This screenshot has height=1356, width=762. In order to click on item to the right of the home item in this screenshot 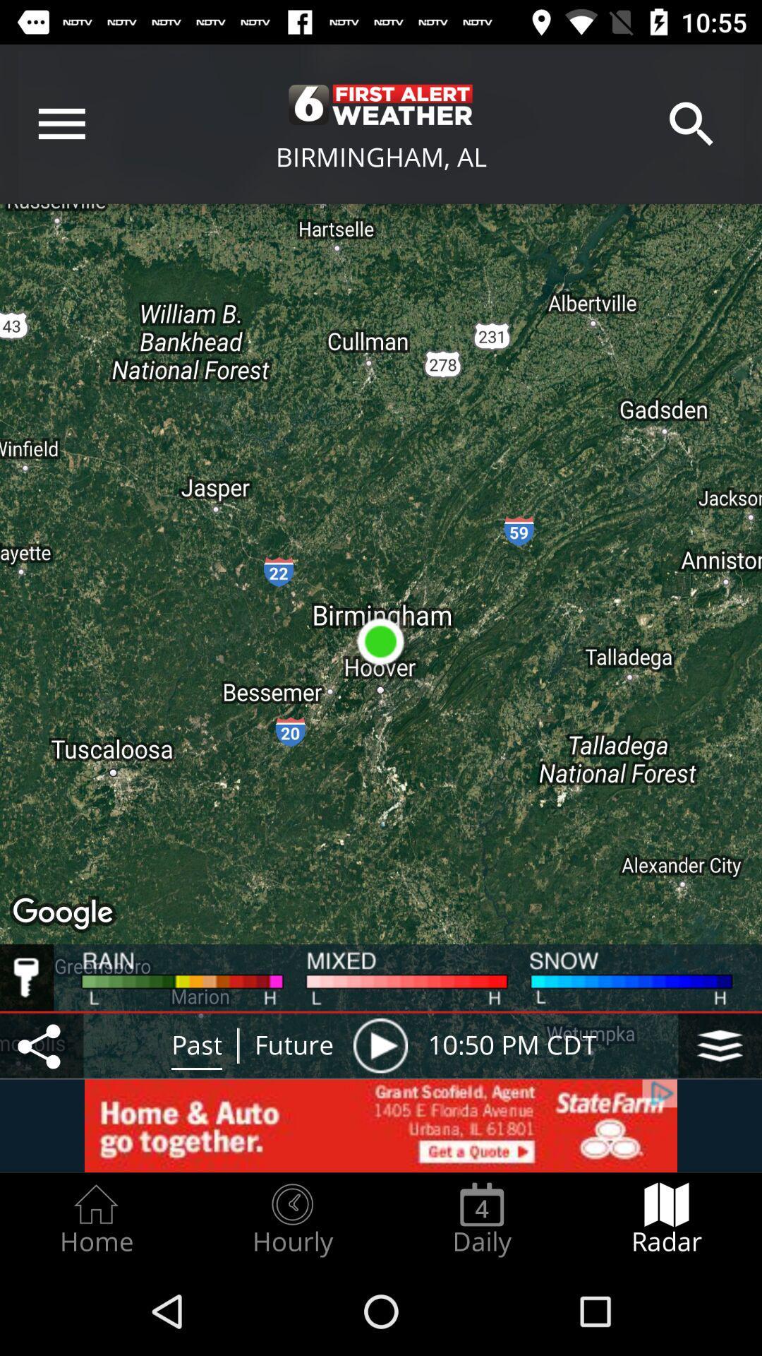, I will do `click(291, 1219)`.